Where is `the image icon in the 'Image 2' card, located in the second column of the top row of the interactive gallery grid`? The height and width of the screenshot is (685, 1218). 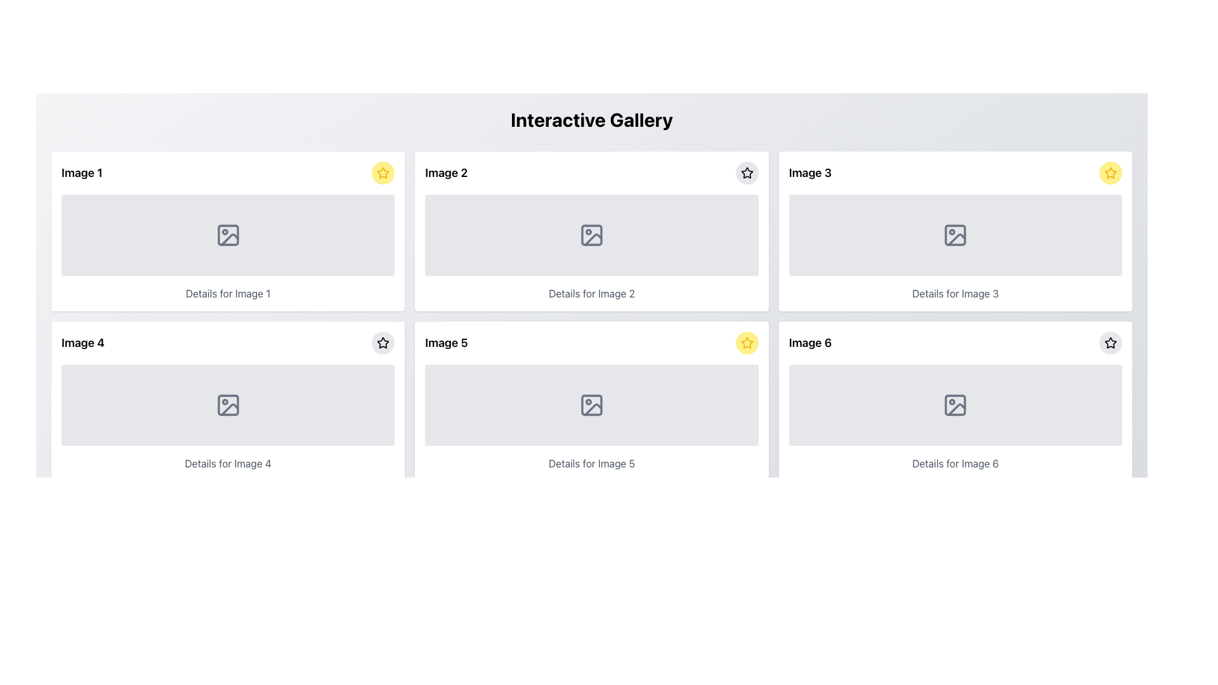 the image icon in the 'Image 2' card, located in the second column of the top row of the interactive gallery grid is located at coordinates (591, 235).